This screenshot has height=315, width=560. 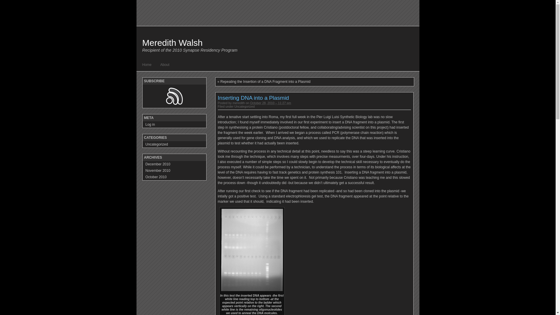 I want to click on 'meredith', so click(x=239, y=103).